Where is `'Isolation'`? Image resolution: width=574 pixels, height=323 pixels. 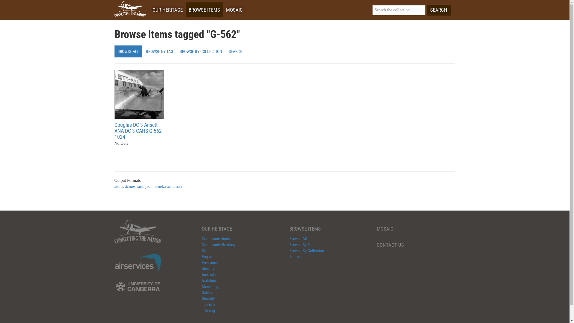
'Isolation' is located at coordinates (202, 280).